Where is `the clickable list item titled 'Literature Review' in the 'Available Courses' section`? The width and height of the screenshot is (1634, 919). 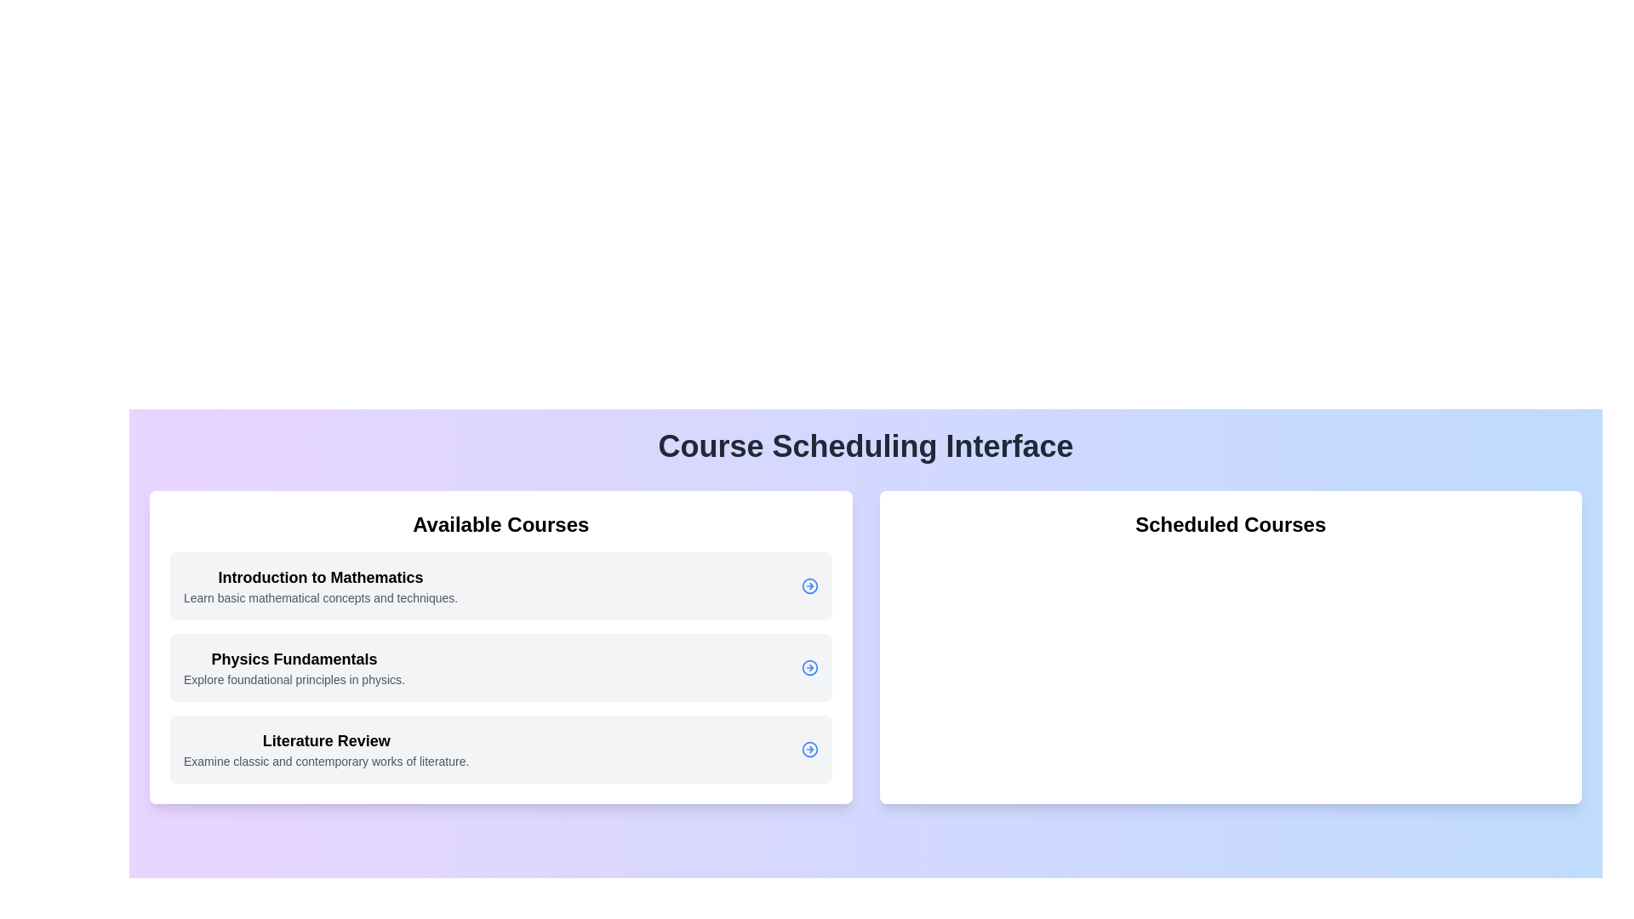
the clickable list item titled 'Literature Review' in the 'Available Courses' section is located at coordinates (500, 748).